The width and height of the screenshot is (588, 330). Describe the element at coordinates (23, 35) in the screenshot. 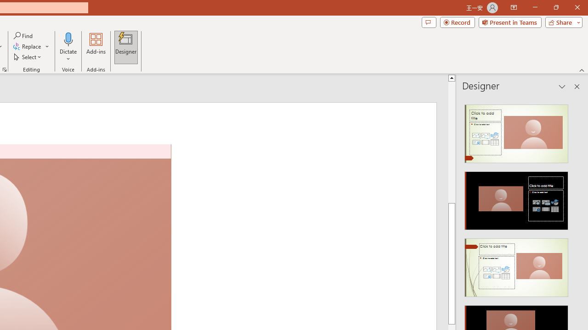

I see `'Find...'` at that location.